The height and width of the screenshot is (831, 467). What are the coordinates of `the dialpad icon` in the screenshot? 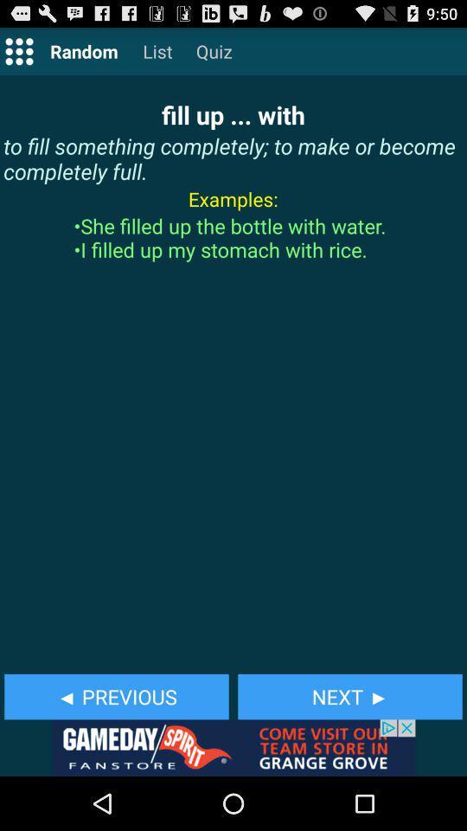 It's located at (18, 55).